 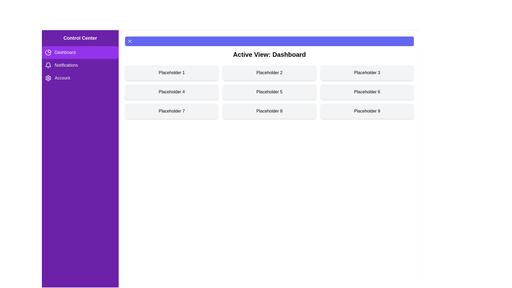 I want to click on the view Dashboard from the drawer menu, so click(x=80, y=52).